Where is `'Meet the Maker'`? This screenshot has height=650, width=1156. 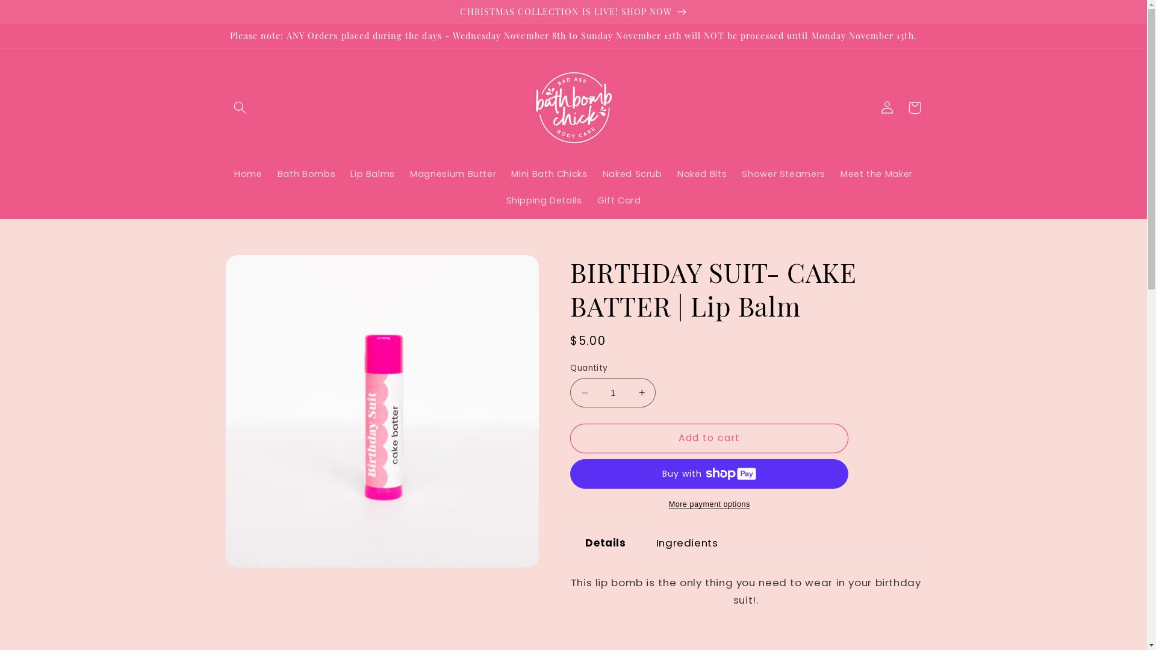
'Meet the Maker' is located at coordinates (876, 174).